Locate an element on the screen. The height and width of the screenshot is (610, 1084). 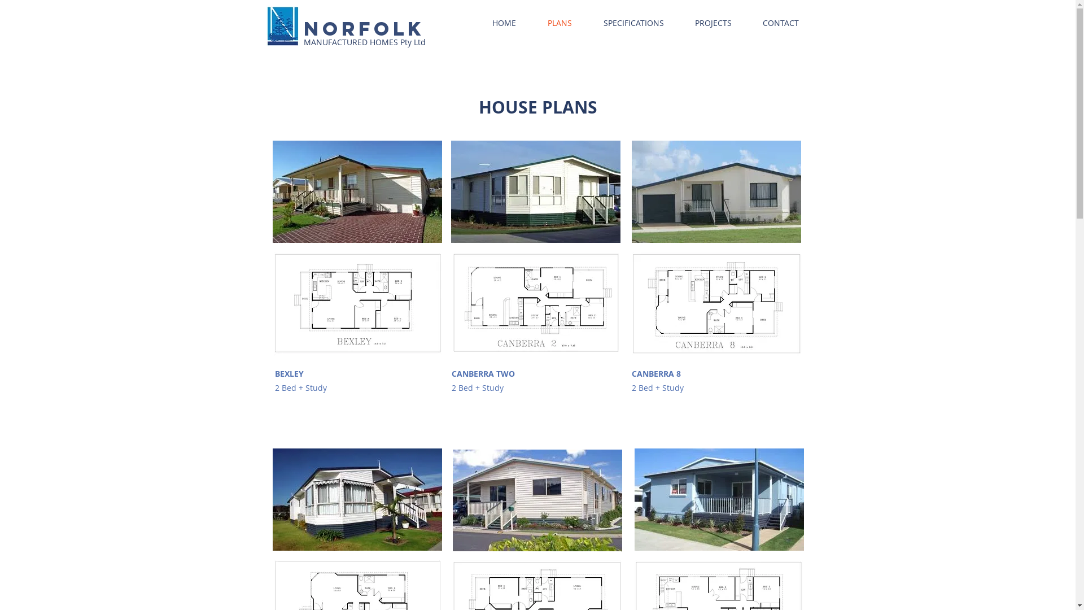
'CONTACT' is located at coordinates (780, 23).